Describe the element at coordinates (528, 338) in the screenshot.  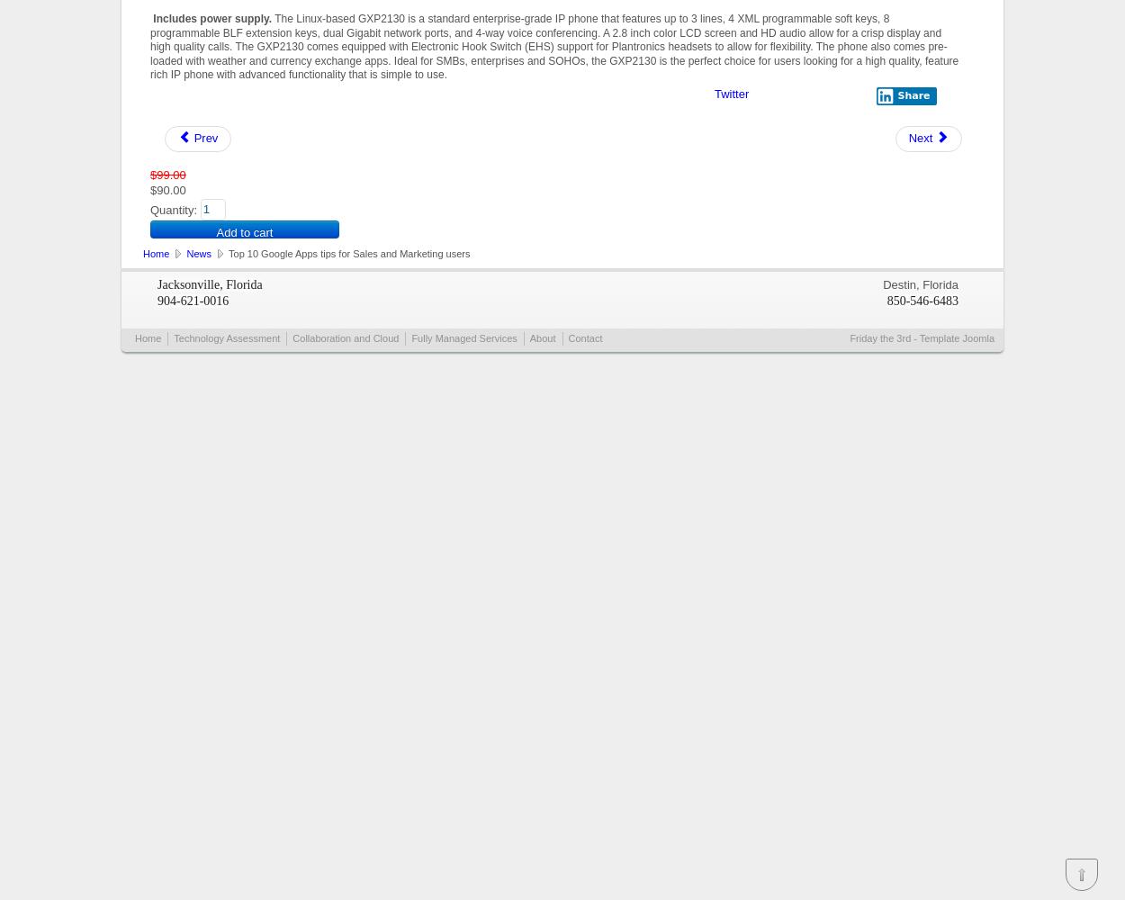
I see `'About'` at that location.